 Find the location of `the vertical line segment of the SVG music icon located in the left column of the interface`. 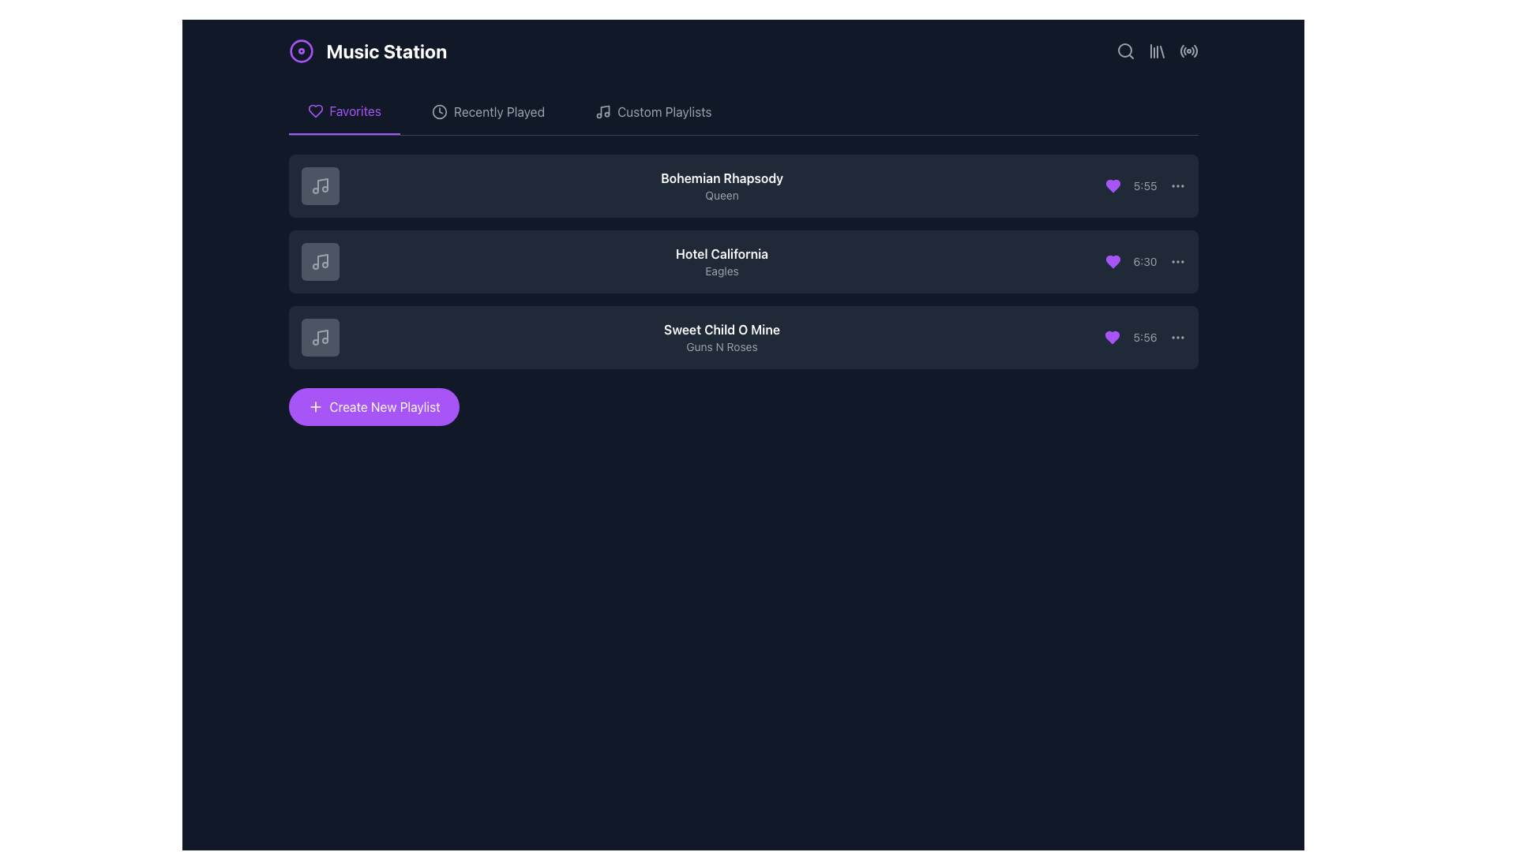

the vertical line segment of the SVG music icon located in the left column of the interface is located at coordinates (321, 335).